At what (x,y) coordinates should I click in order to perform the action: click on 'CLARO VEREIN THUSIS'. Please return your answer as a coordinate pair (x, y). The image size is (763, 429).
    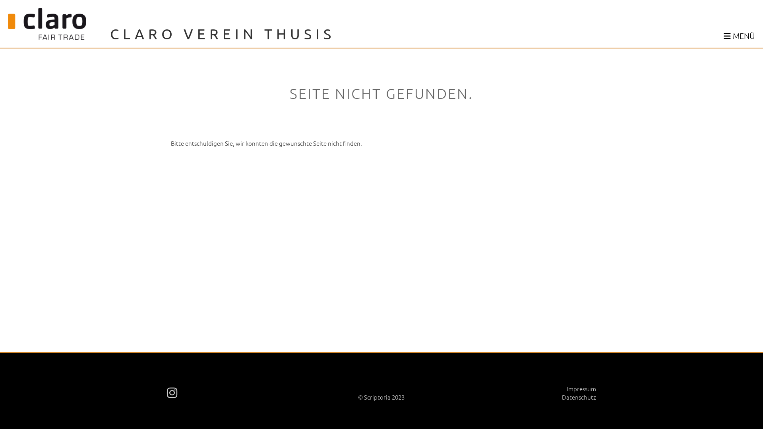
    Looking at the image, I should click on (110, 33).